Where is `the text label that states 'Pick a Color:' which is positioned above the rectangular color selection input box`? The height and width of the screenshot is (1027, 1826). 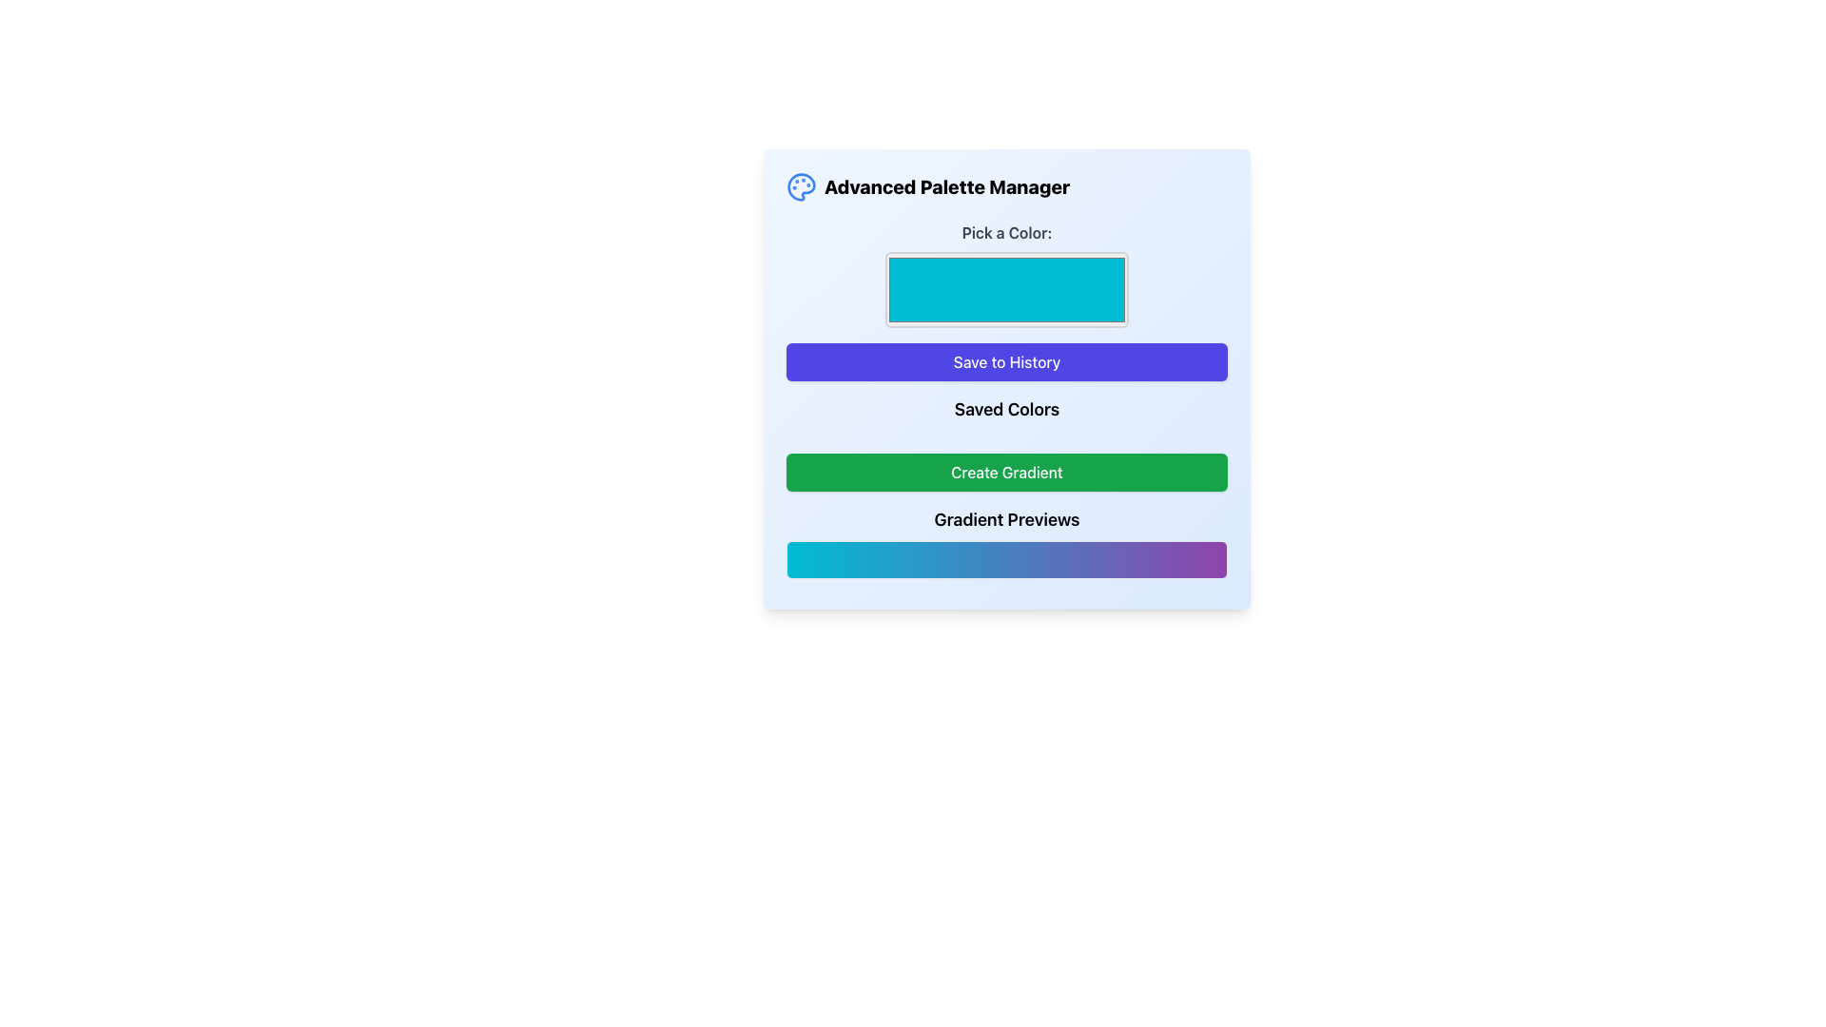
the text label that states 'Pick a Color:' which is positioned above the rectangular color selection input box is located at coordinates (1006, 232).